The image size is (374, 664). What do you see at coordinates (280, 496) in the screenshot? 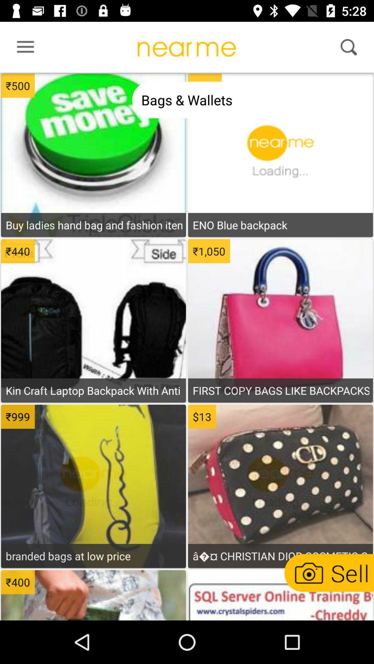
I see `money bag` at bounding box center [280, 496].